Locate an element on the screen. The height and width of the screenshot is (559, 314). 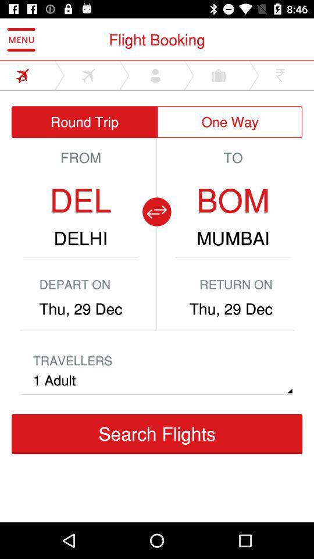
the icon next to the round trip item is located at coordinates (230, 122).